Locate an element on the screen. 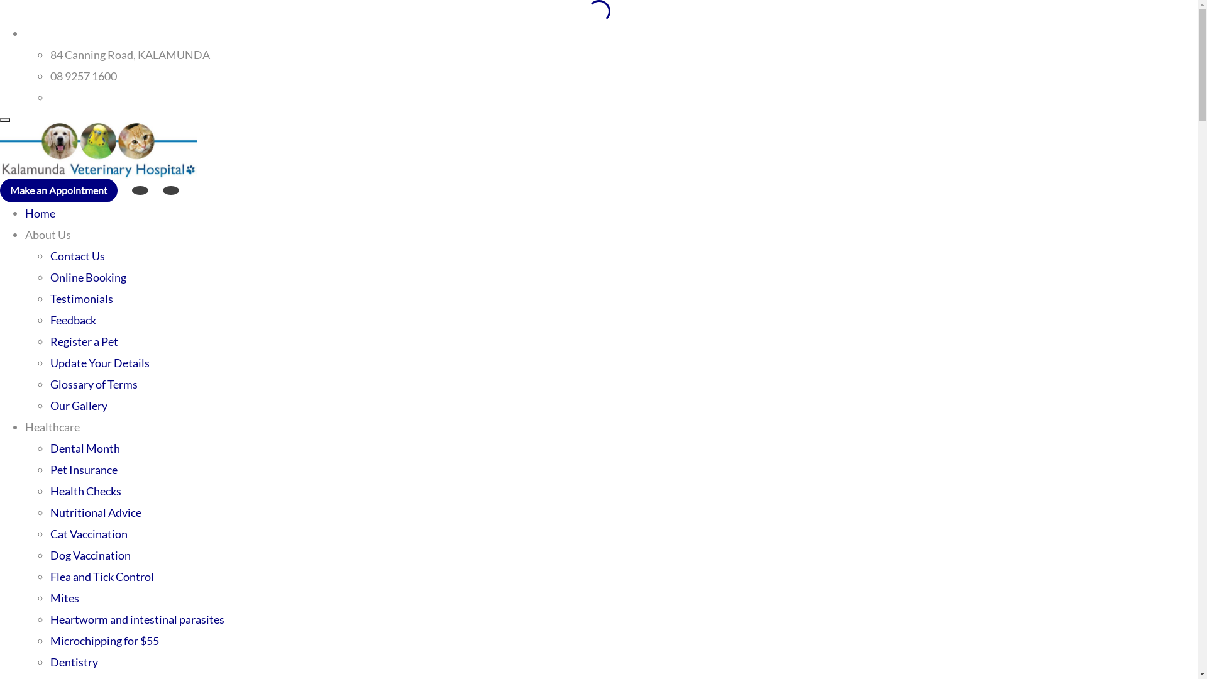 The width and height of the screenshot is (1207, 679). 'Heartworm and intestinal parasites' is located at coordinates (137, 618).